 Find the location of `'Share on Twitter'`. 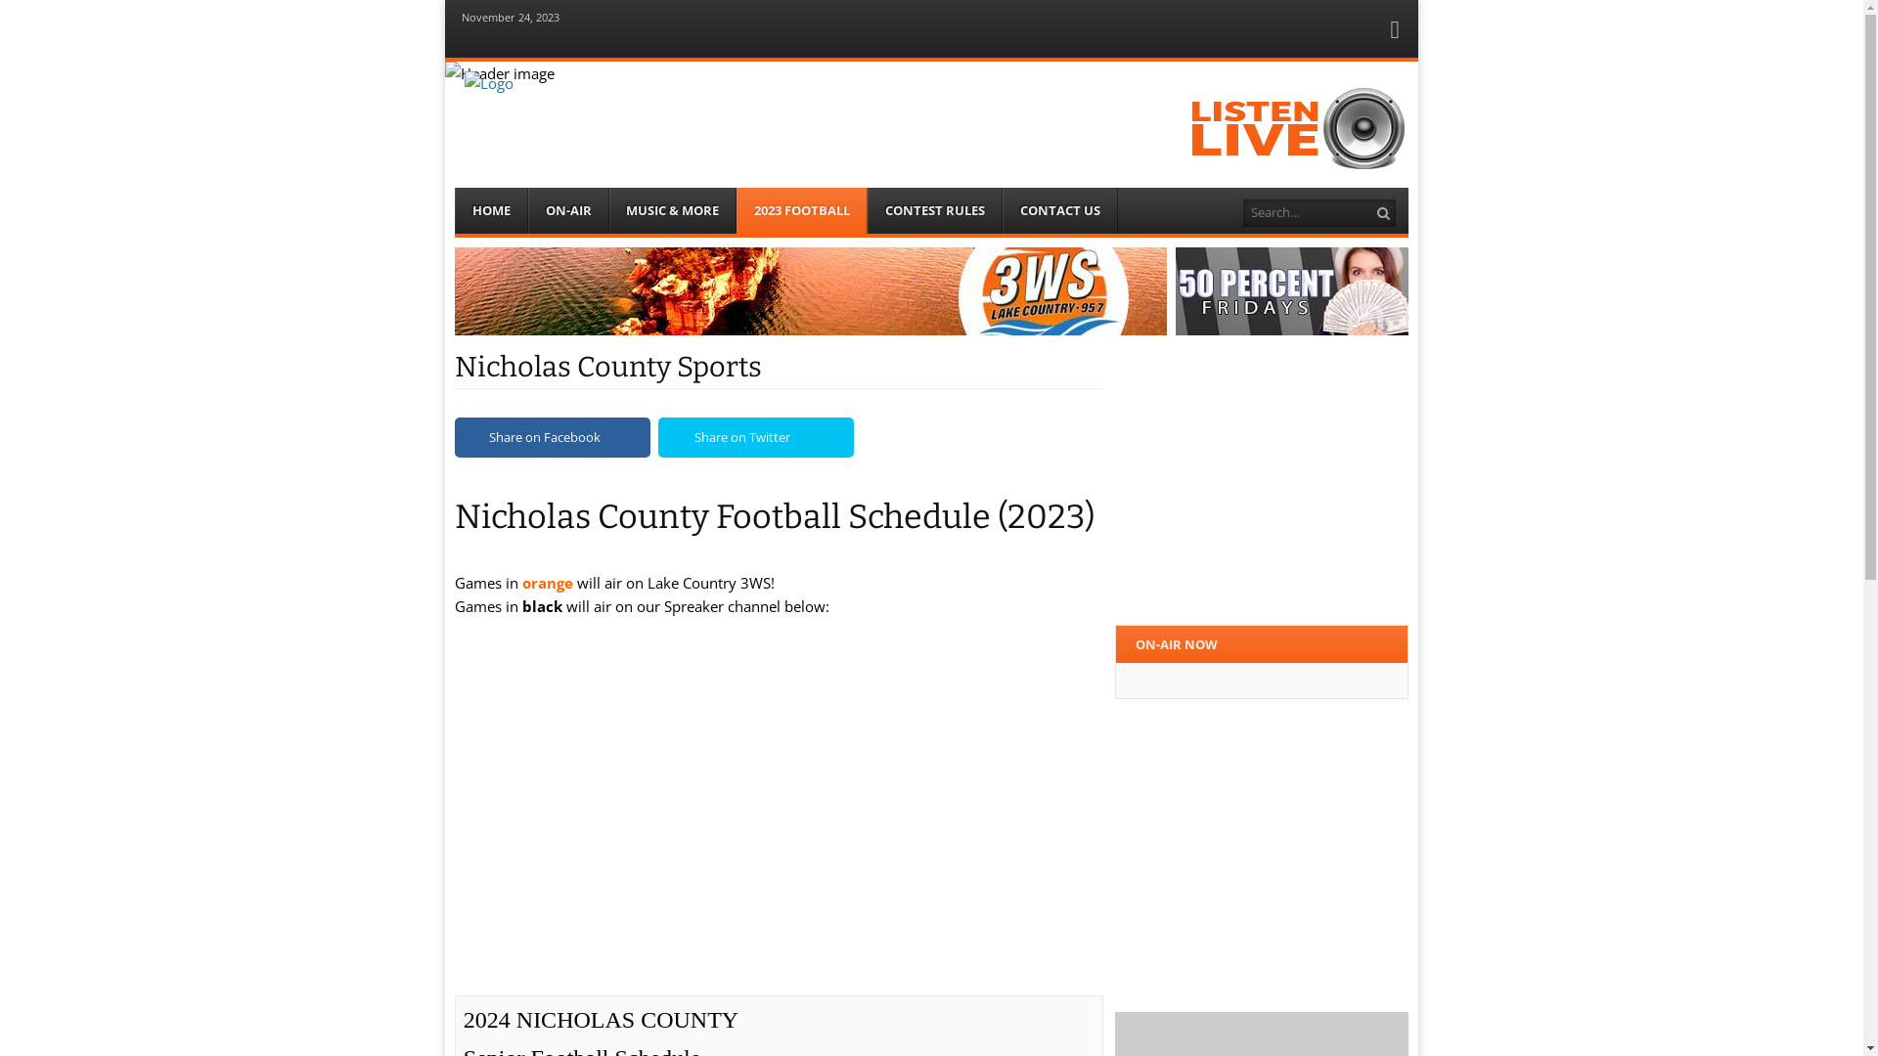

'Share on Twitter' is located at coordinates (754, 436).